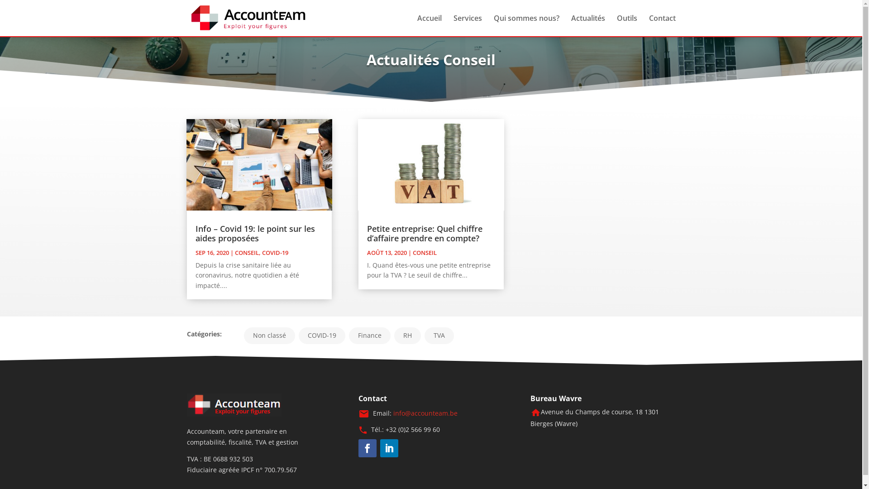 The image size is (869, 489). What do you see at coordinates (322, 336) in the screenshot?
I see `'COVID-19'` at bounding box center [322, 336].